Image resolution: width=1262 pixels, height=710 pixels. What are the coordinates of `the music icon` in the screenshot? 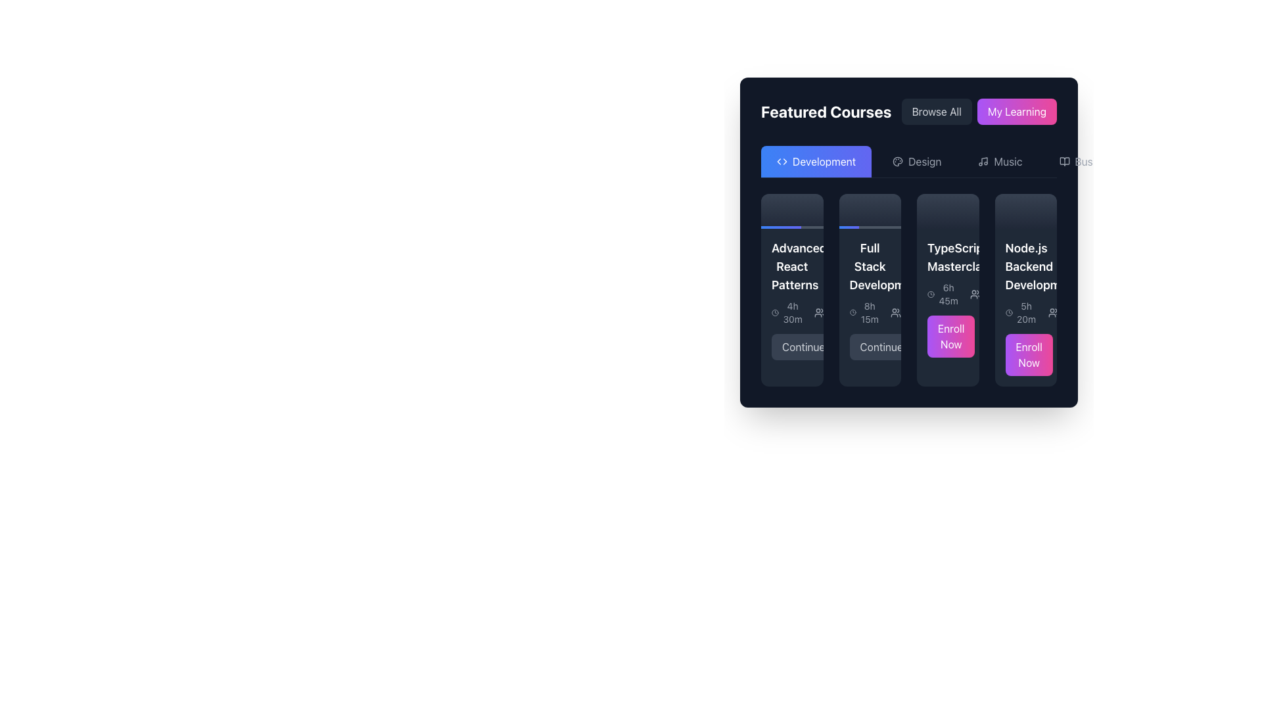 It's located at (983, 161).